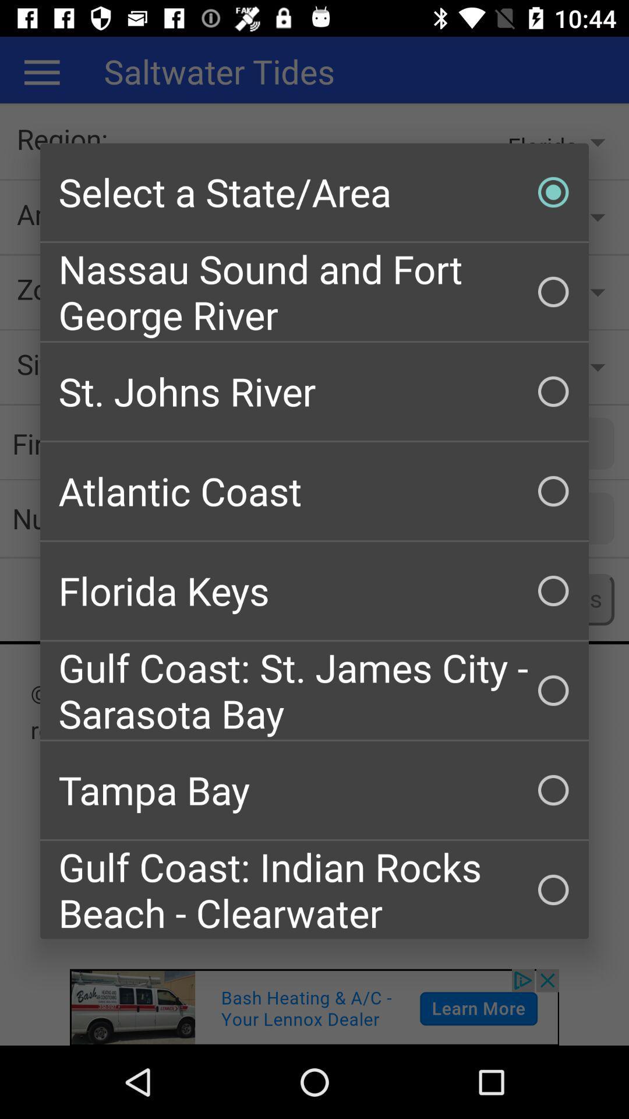  What do you see at coordinates (314, 590) in the screenshot?
I see `the florida keys` at bounding box center [314, 590].